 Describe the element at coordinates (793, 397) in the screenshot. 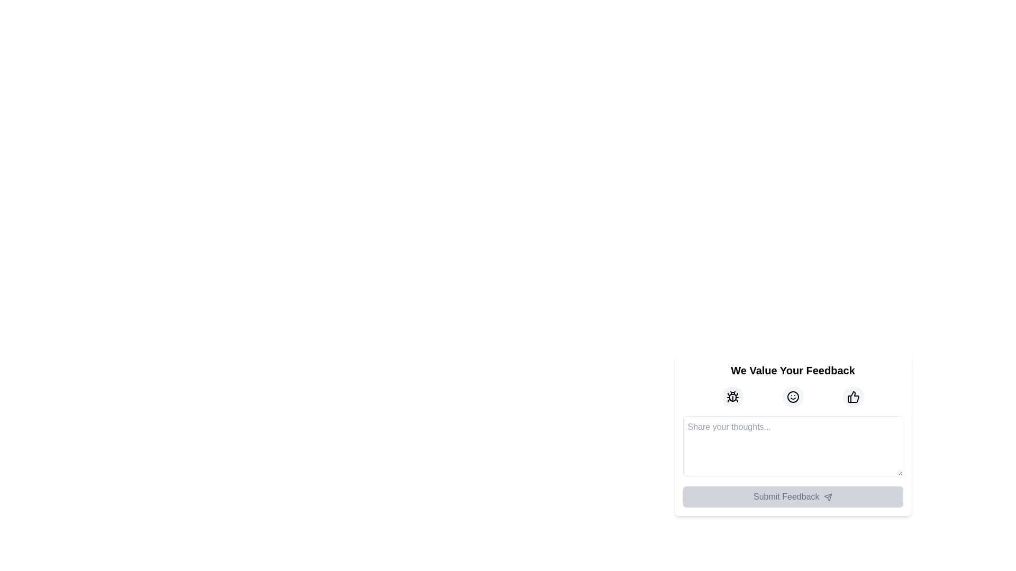

I see `the circular smiley-face icon button located in the feedback form, positioned between the bug icon and the thumbs-up icon` at that location.